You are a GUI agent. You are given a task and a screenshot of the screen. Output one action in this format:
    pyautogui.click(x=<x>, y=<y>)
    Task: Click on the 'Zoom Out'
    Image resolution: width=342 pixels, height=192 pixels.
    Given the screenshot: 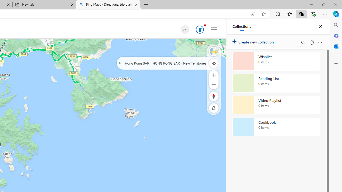 What is the action you would take?
    pyautogui.click(x=214, y=84)
    